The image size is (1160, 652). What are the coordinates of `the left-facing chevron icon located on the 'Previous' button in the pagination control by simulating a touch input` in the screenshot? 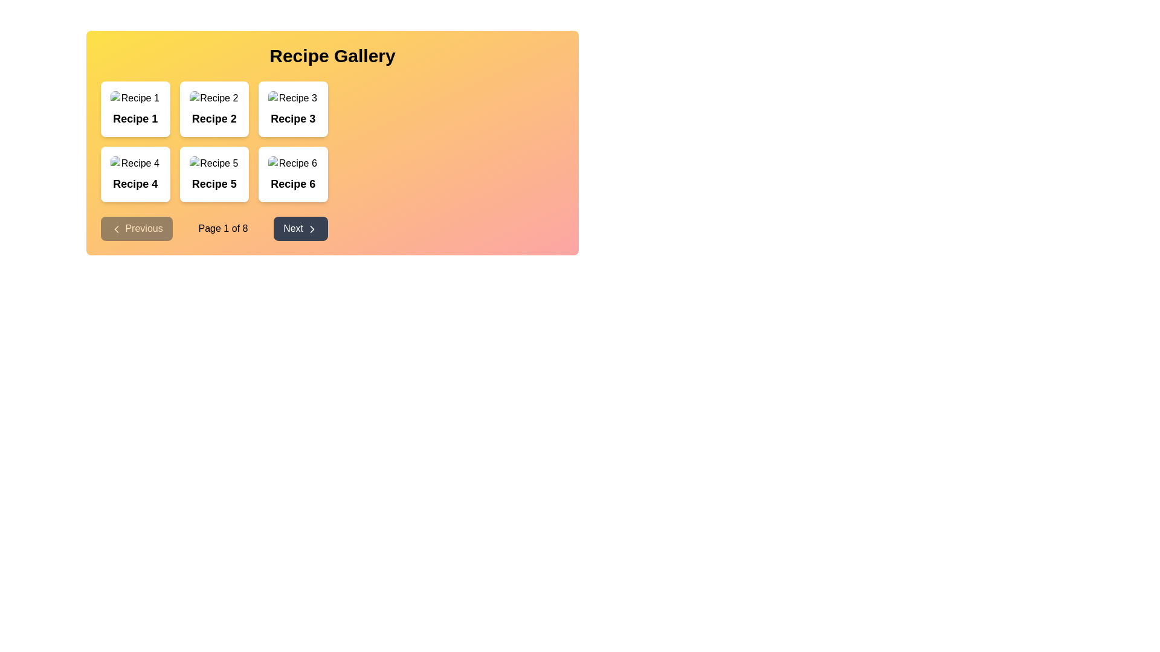 It's located at (116, 228).